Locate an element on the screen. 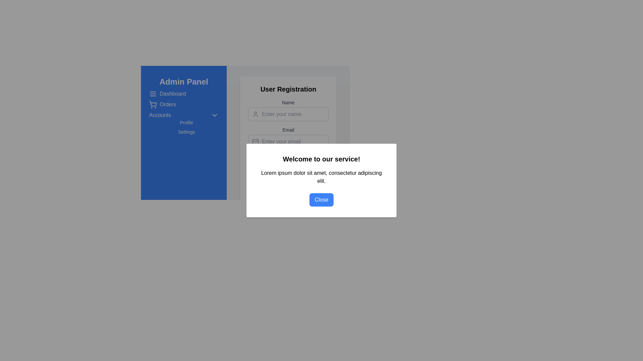  the static text header displaying 'Admin Panel' in bold white font on a blue background, located at the top of the navigation panel is located at coordinates (184, 82).